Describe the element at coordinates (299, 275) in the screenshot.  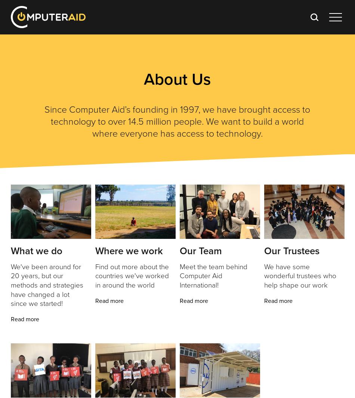
I see `'We have some wonderful trustees who help shape our work'` at that location.